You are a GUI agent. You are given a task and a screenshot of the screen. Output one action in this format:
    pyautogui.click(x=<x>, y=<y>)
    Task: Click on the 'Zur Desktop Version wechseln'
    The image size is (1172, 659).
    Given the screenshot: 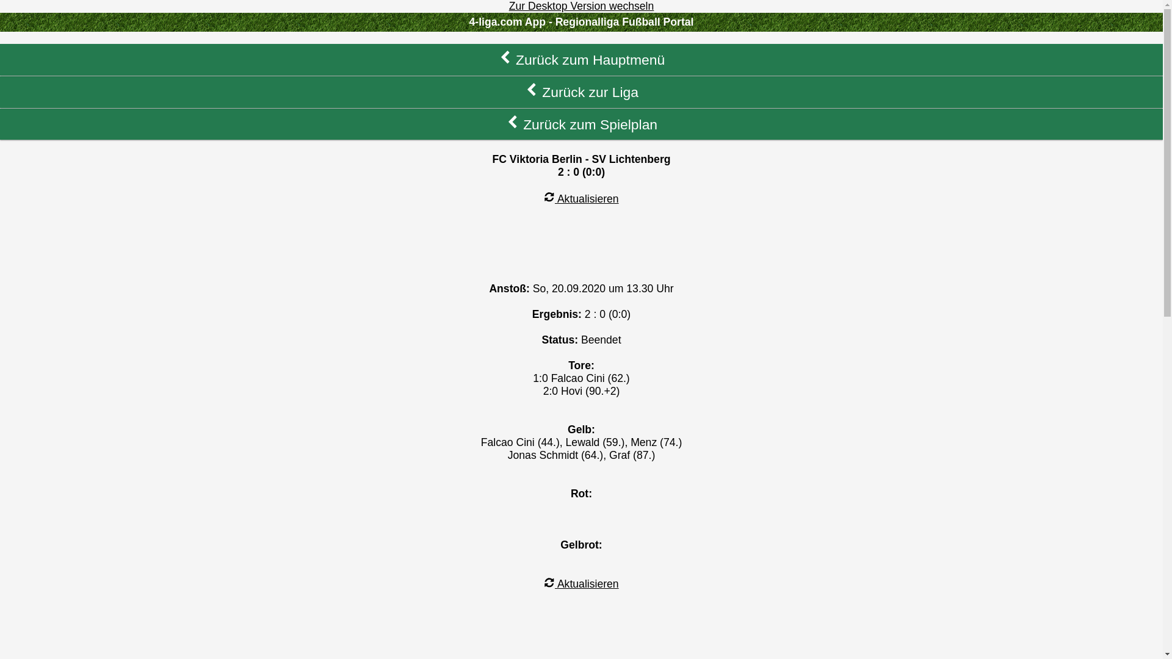 What is the action you would take?
    pyautogui.click(x=581, y=6)
    